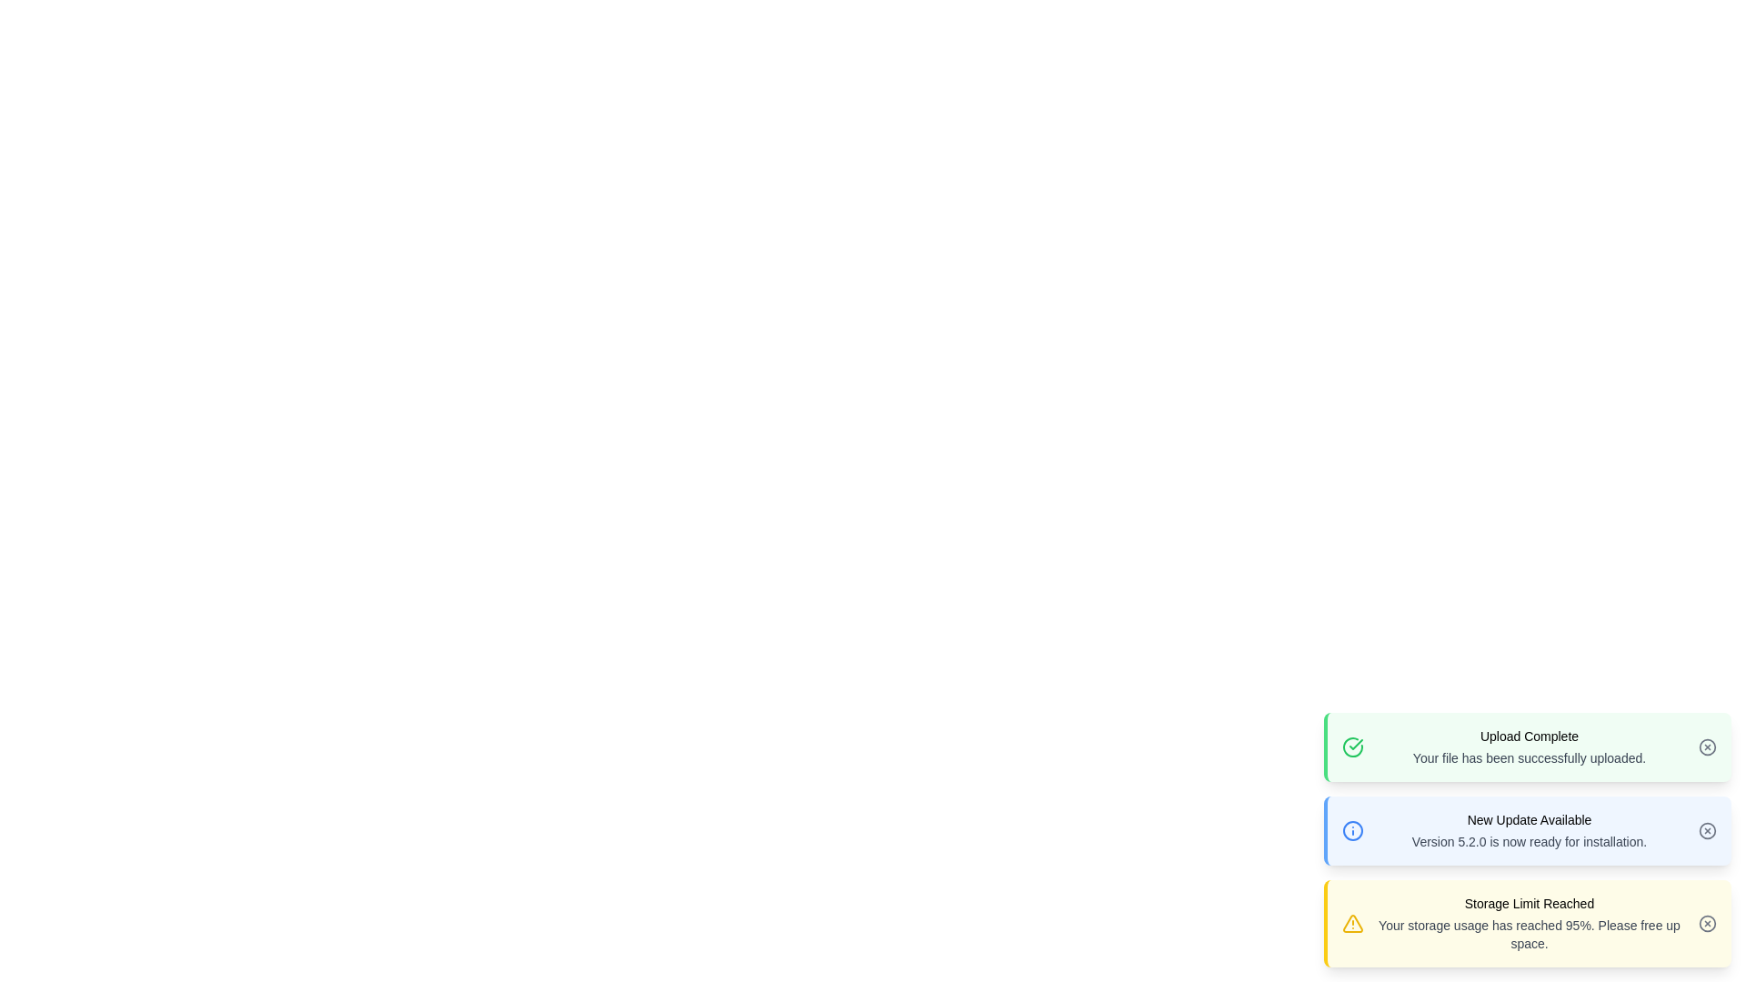  Describe the element at coordinates (1353, 923) in the screenshot. I see `the warning icon located at the left edge of the 'Storage Limit Reached' notification card, which visually indicates critical alerts to the user` at that location.